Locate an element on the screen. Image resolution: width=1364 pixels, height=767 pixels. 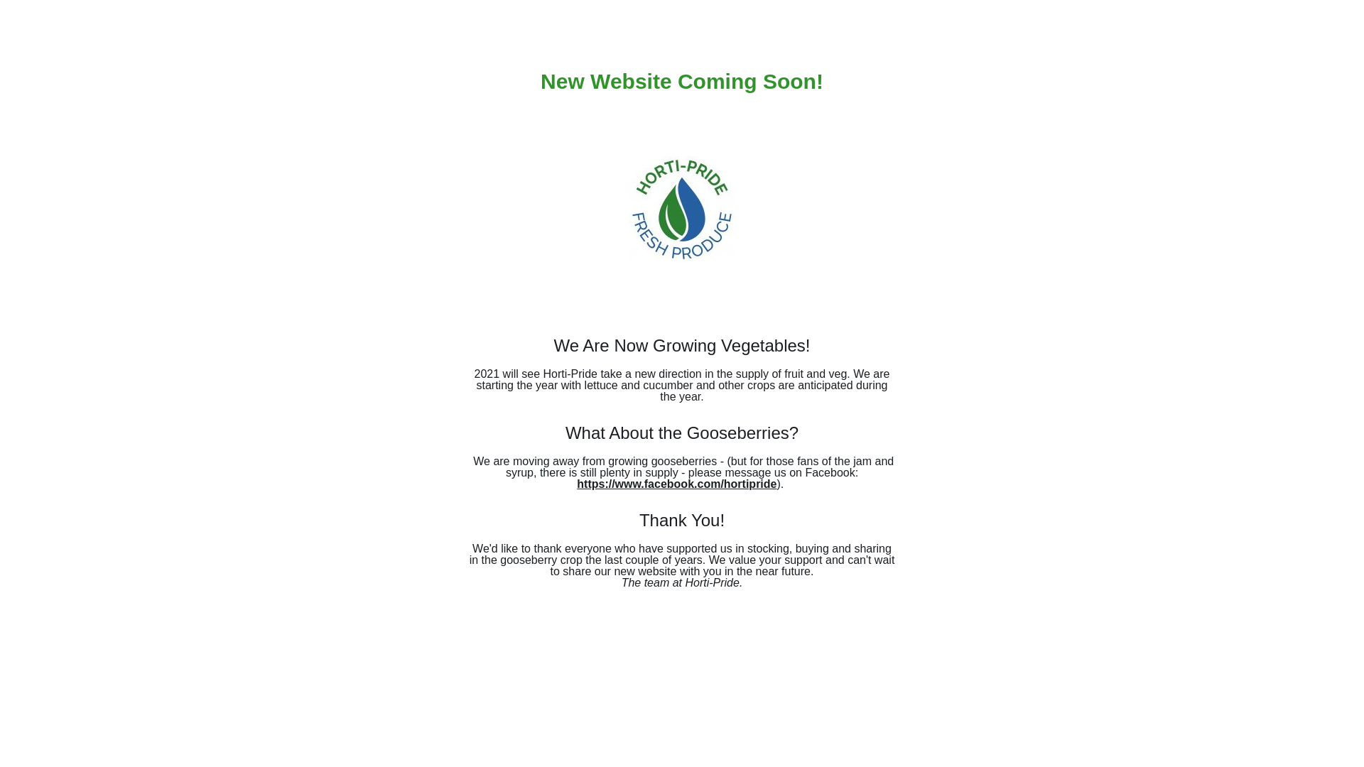
'https://www.facebook.com/hortipride' is located at coordinates (676, 483).